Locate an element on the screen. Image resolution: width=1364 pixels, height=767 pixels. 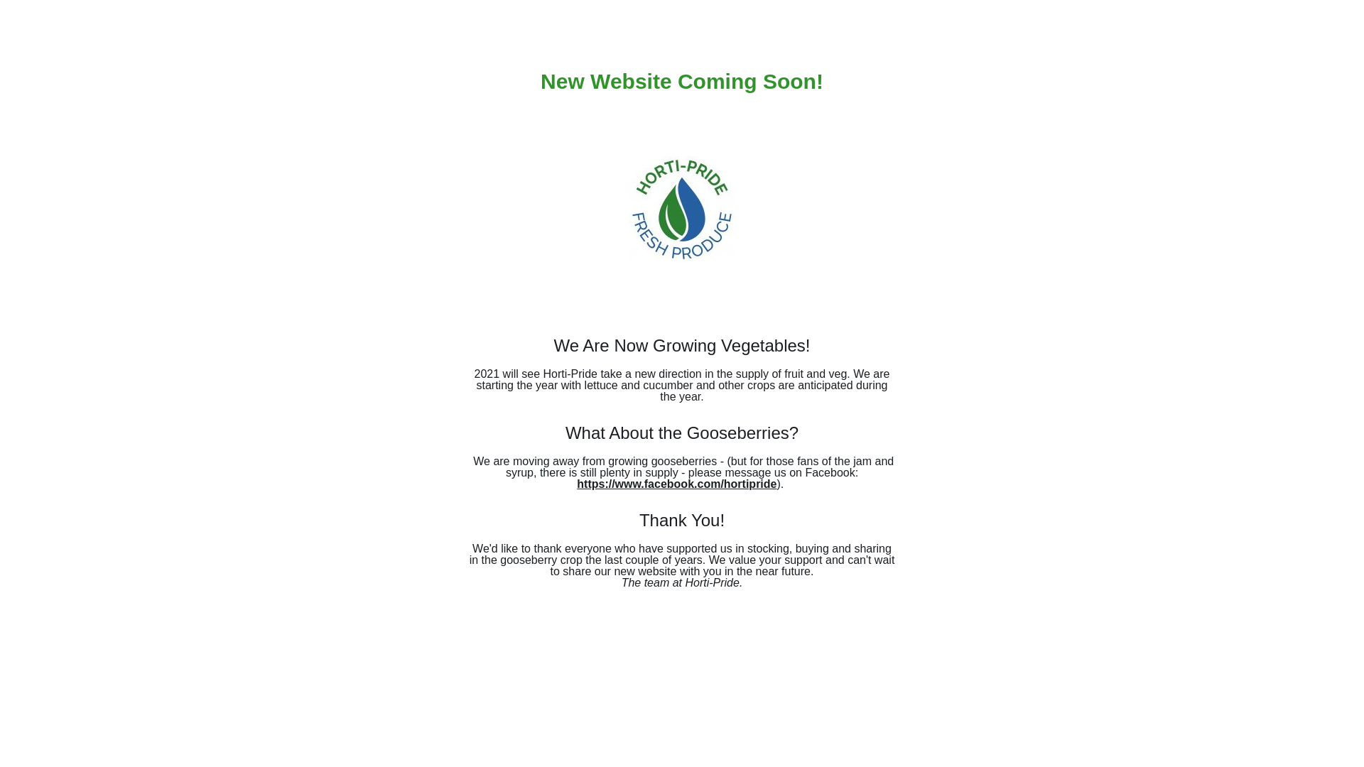
'https://www.facebook.com/hortipride' is located at coordinates (676, 483).